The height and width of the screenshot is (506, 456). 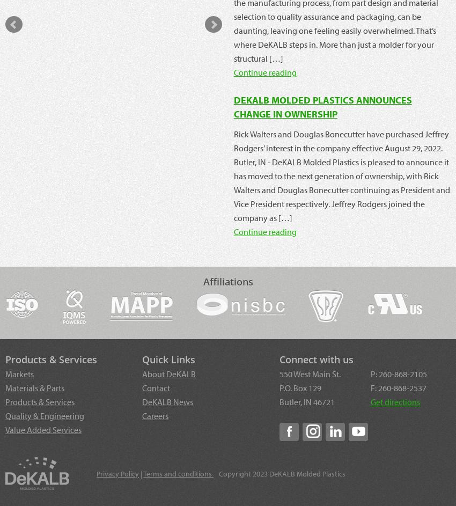 I want to click on 'P.O. Box 129', so click(x=299, y=386).